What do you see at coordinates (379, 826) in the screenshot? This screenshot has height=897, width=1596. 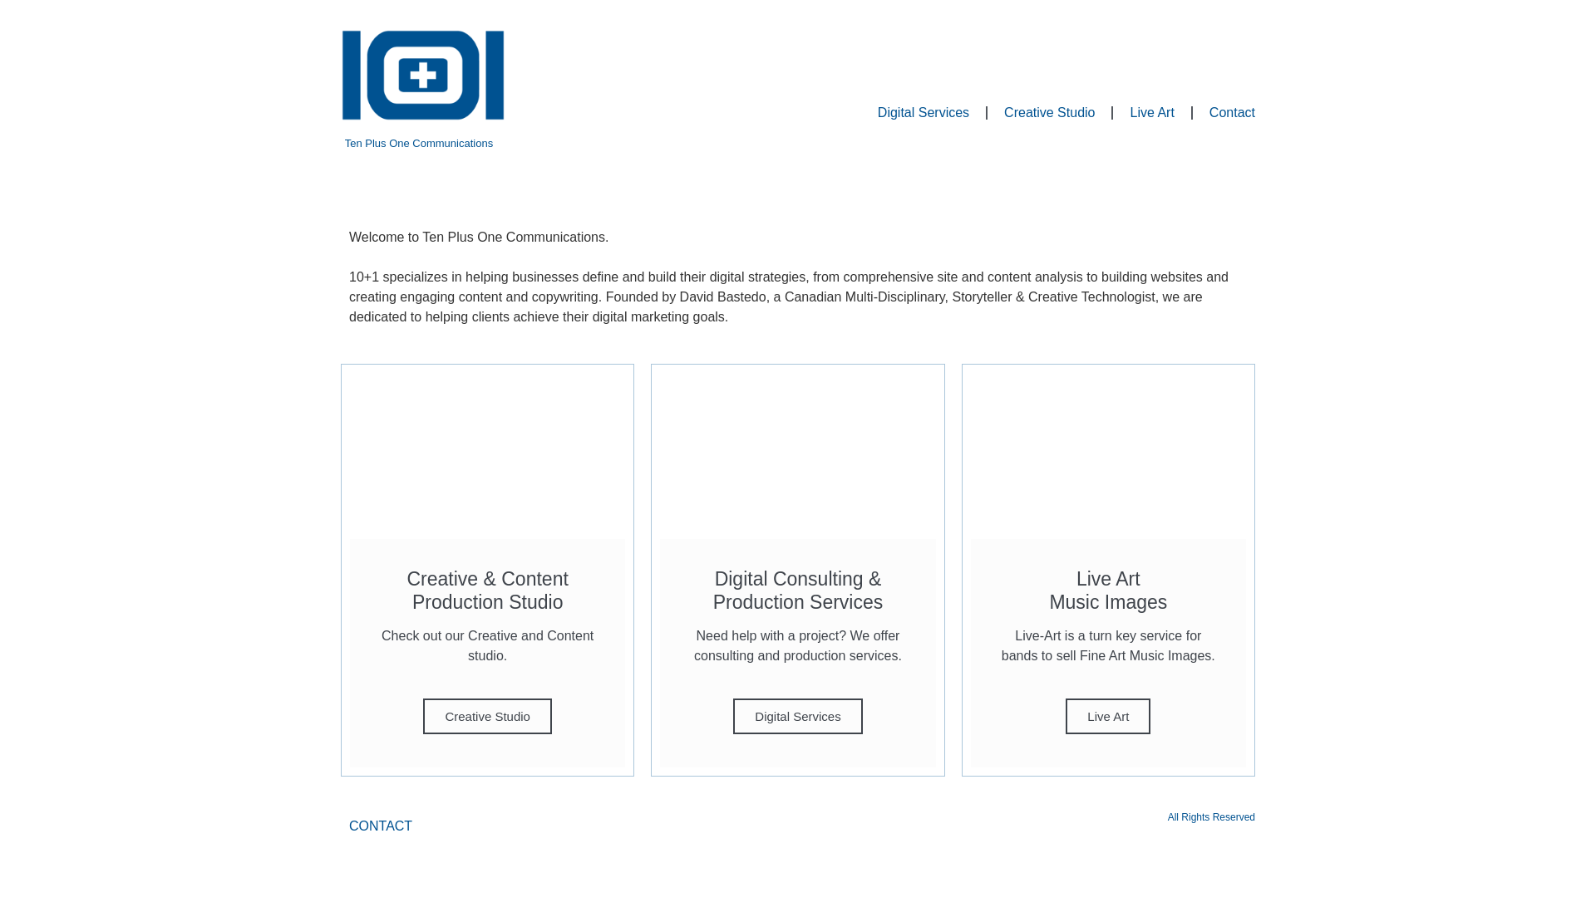 I see `'CONTACT'` at bounding box center [379, 826].